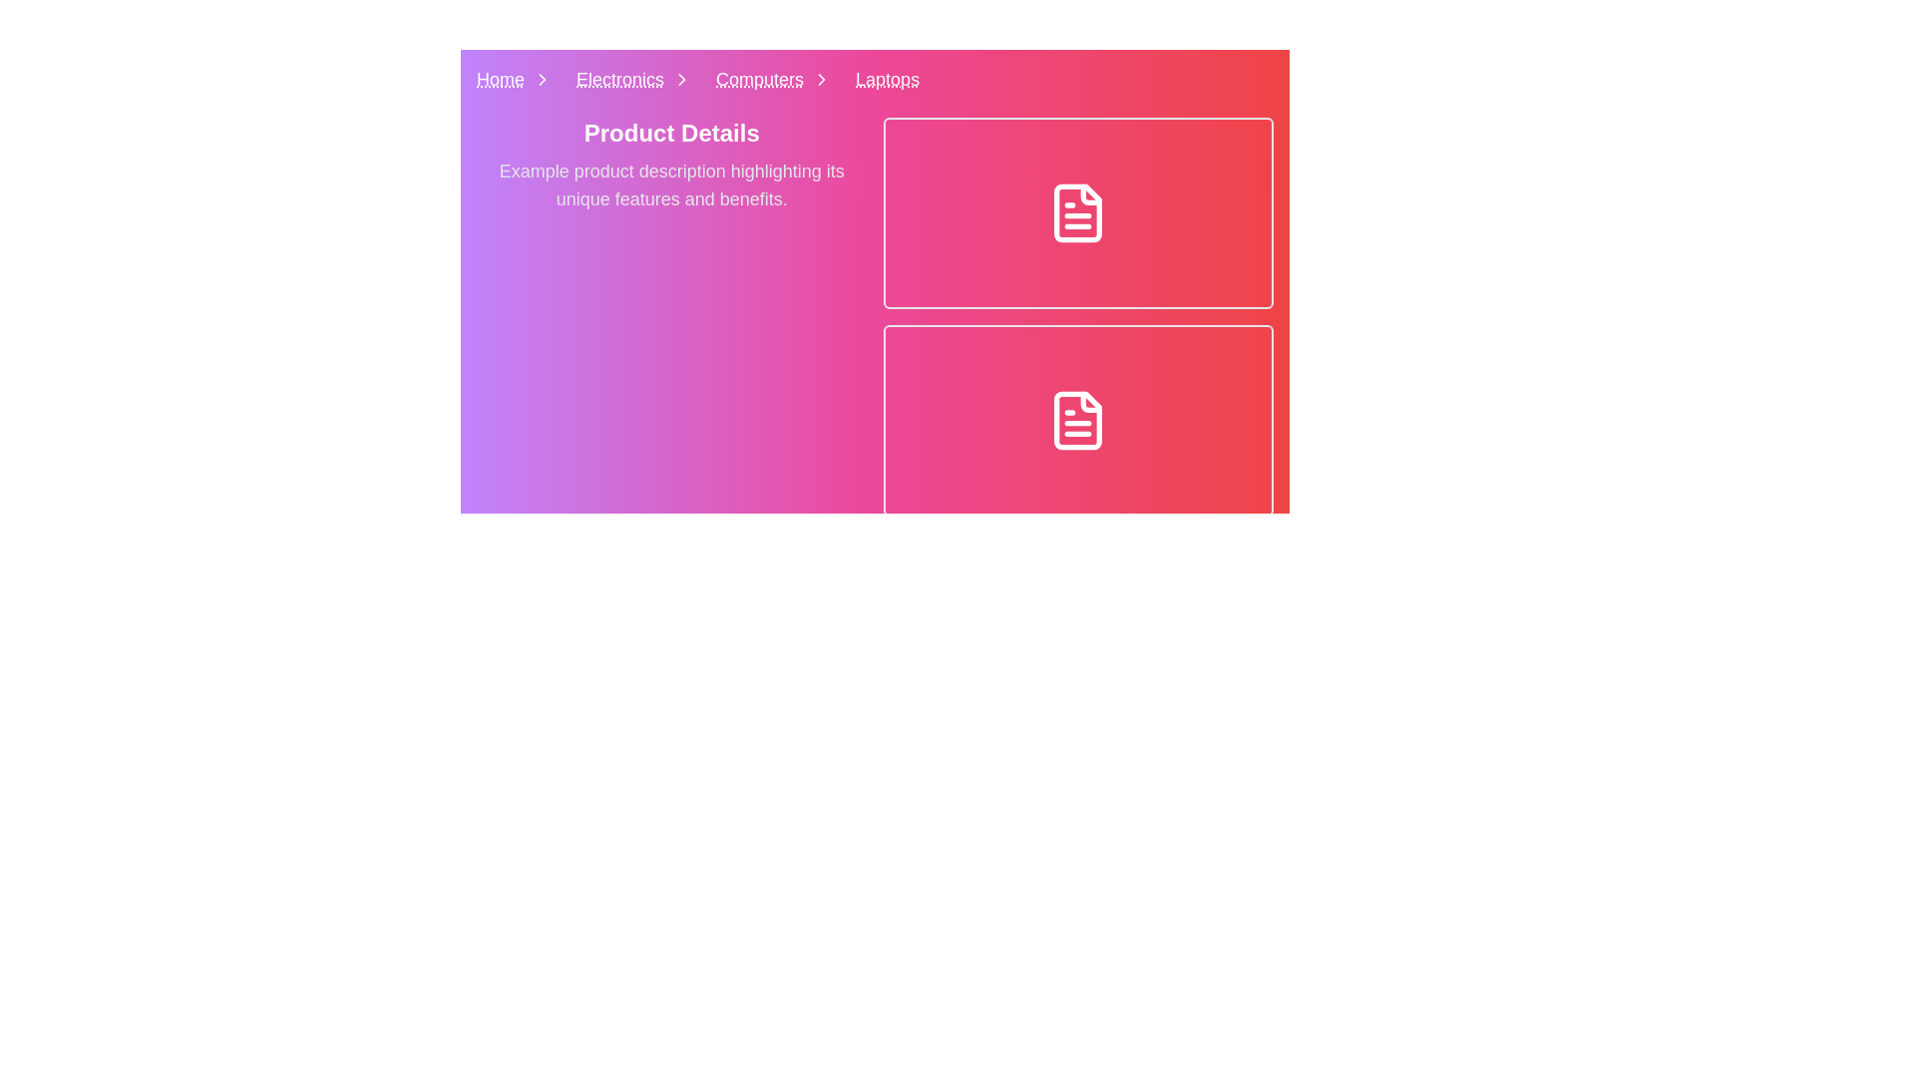 The height and width of the screenshot is (1077, 1915). Describe the element at coordinates (501, 79) in the screenshot. I see `the 'Home' hyperlink located in the breadcrumb navigation bar at the top-left corner of the interface` at that location.